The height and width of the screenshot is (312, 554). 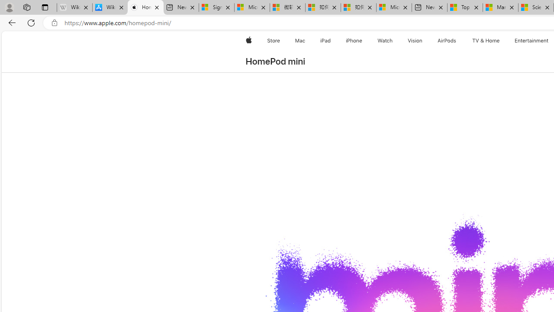 What do you see at coordinates (501, 40) in the screenshot?
I see `'Class: globalnav-submenu-trigger-item'` at bounding box center [501, 40].